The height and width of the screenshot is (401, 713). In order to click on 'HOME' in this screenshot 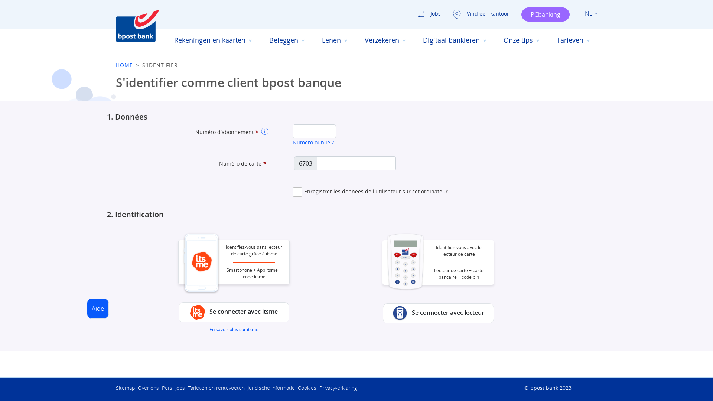, I will do `click(124, 65)`.